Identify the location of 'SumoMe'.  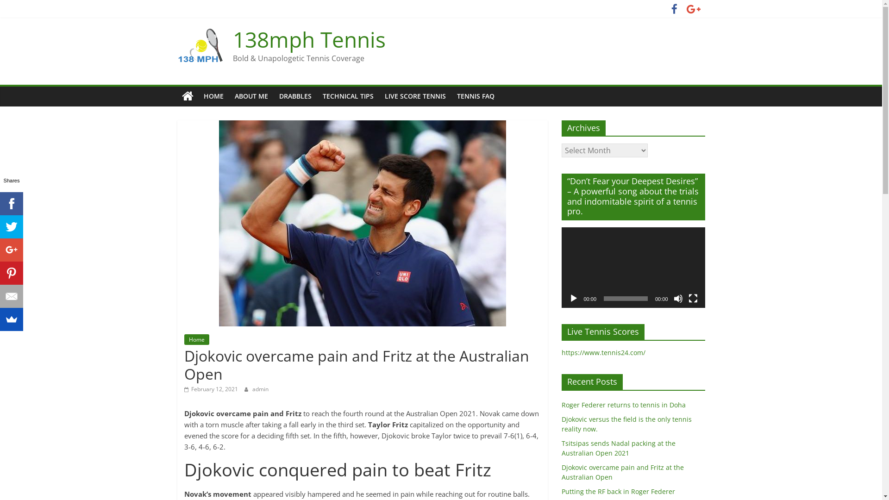
(11, 319).